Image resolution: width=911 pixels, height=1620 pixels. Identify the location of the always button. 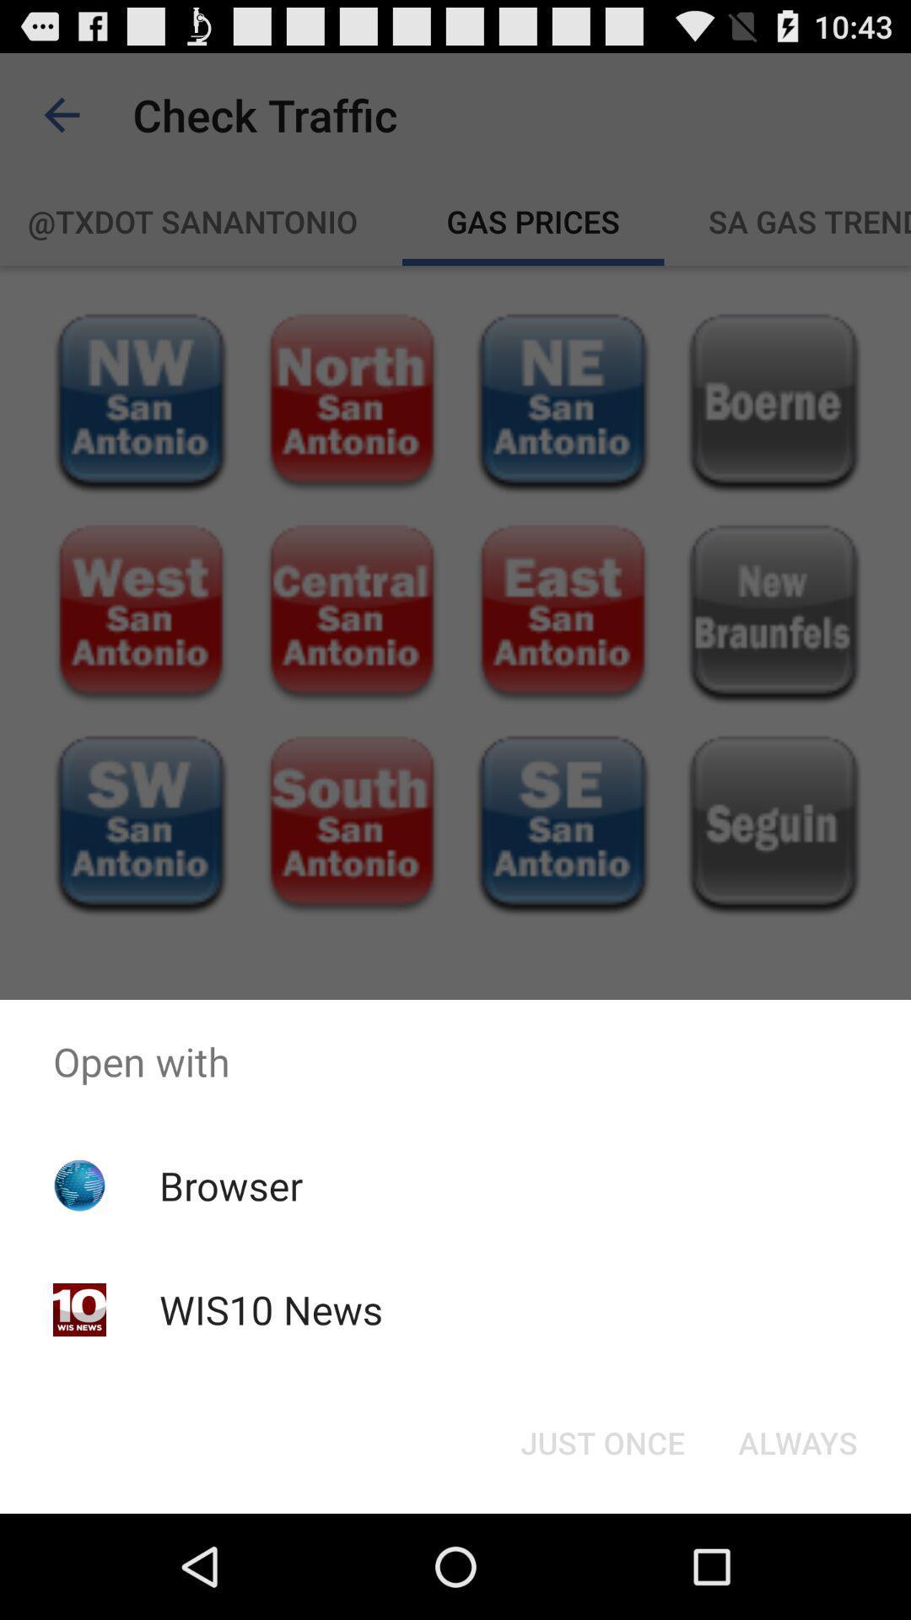
(797, 1441).